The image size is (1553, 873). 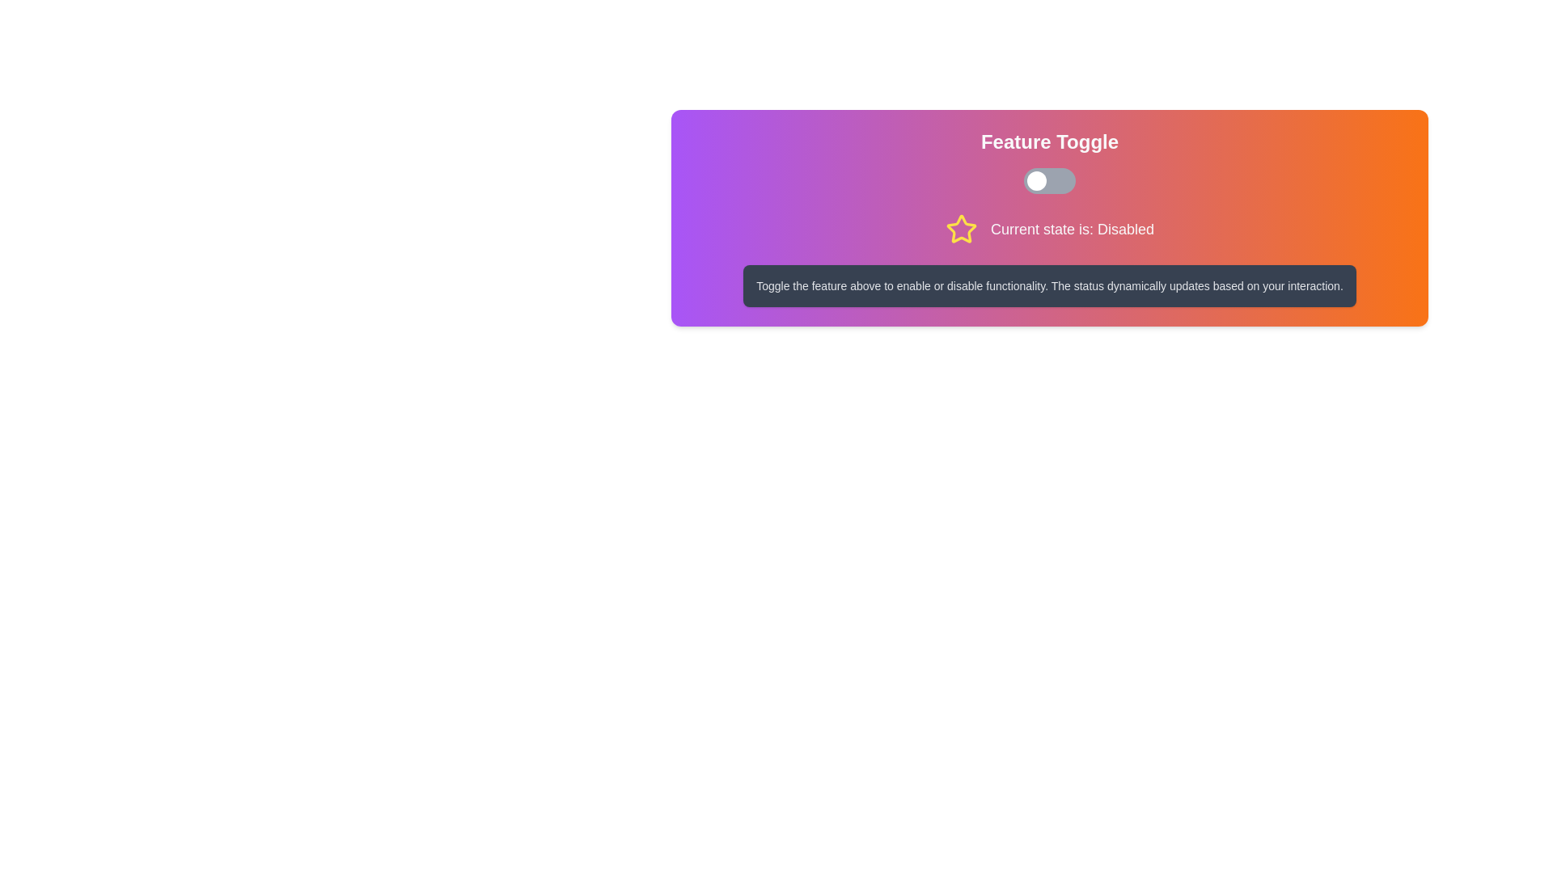 I want to click on the circular toggle button, which is part of a horizontal toggle switch located under the 'Feature Toggle' label, so click(x=1036, y=180).